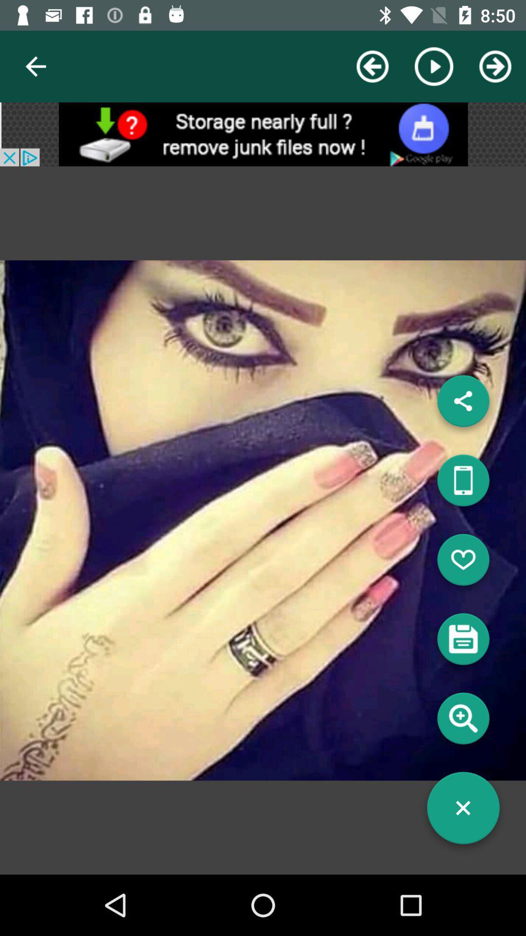 Image resolution: width=526 pixels, height=936 pixels. Describe the element at coordinates (463, 812) in the screenshot. I see `the close icon` at that location.